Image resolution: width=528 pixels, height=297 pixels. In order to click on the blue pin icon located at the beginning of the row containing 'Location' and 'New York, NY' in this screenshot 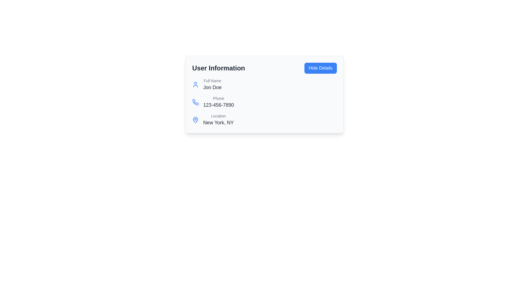, I will do `click(195, 119)`.